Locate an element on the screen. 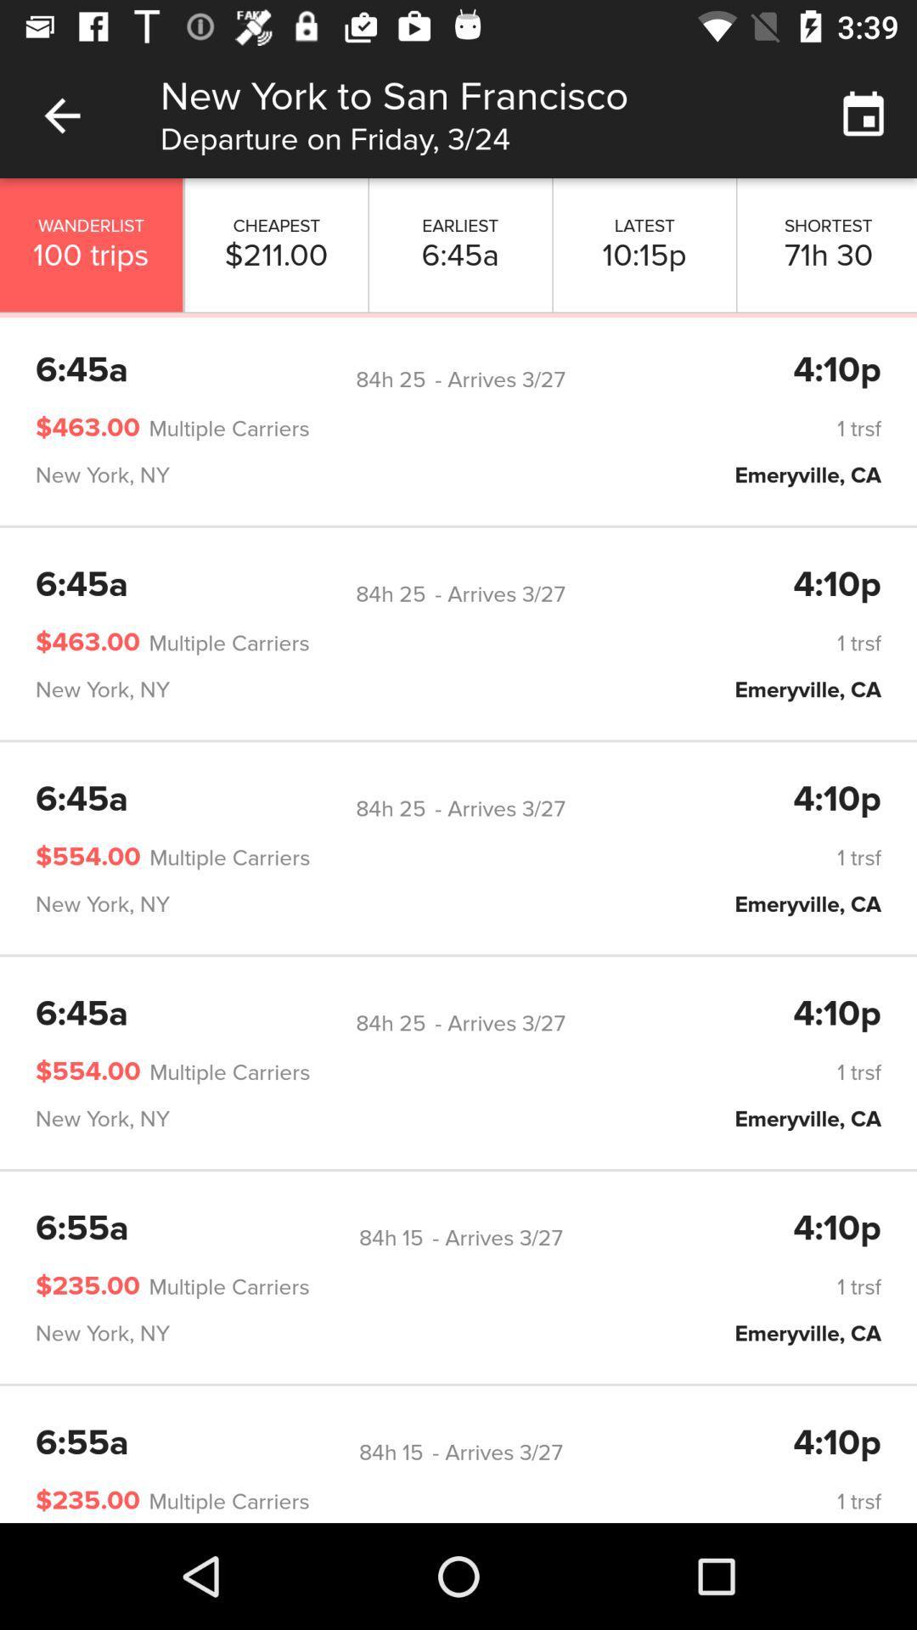  icon above the wanderlist item is located at coordinates (61, 115).